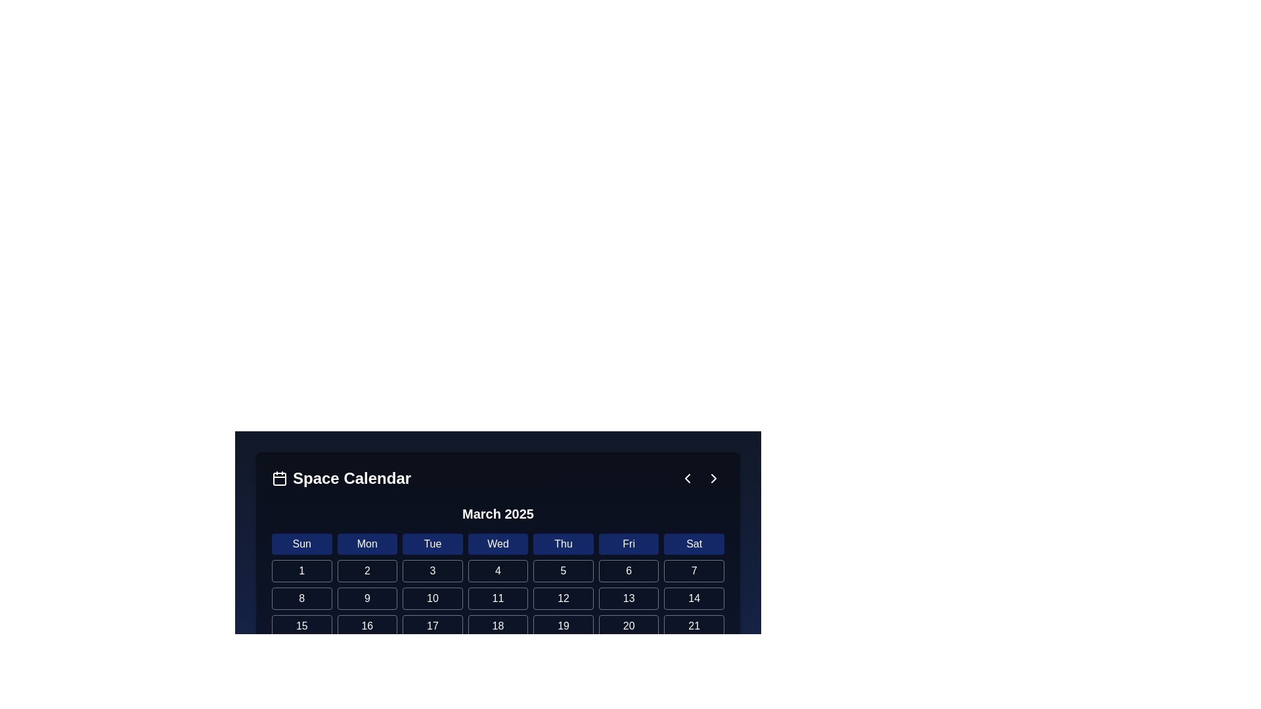 Image resolution: width=1261 pixels, height=709 pixels. Describe the element at coordinates (699, 479) in the screenshot. I see `the dual-button navigation control at the top right corner of the 'Space Calendar' section` at that location.